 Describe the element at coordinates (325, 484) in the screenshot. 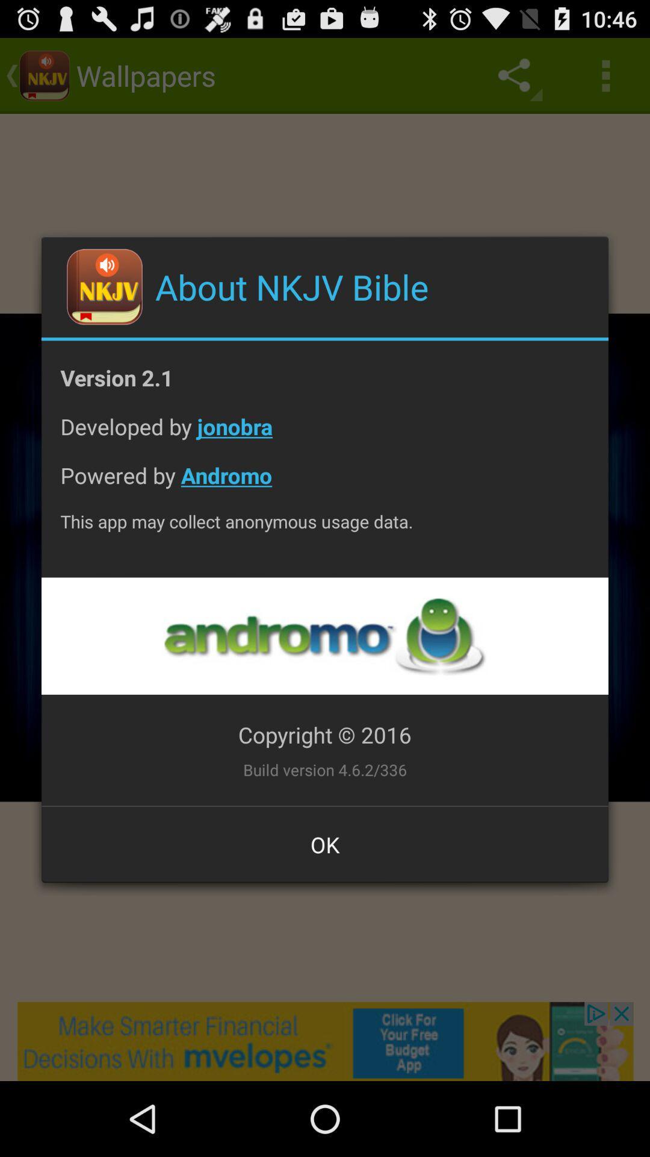

I see `powered by andromo item` at that location.